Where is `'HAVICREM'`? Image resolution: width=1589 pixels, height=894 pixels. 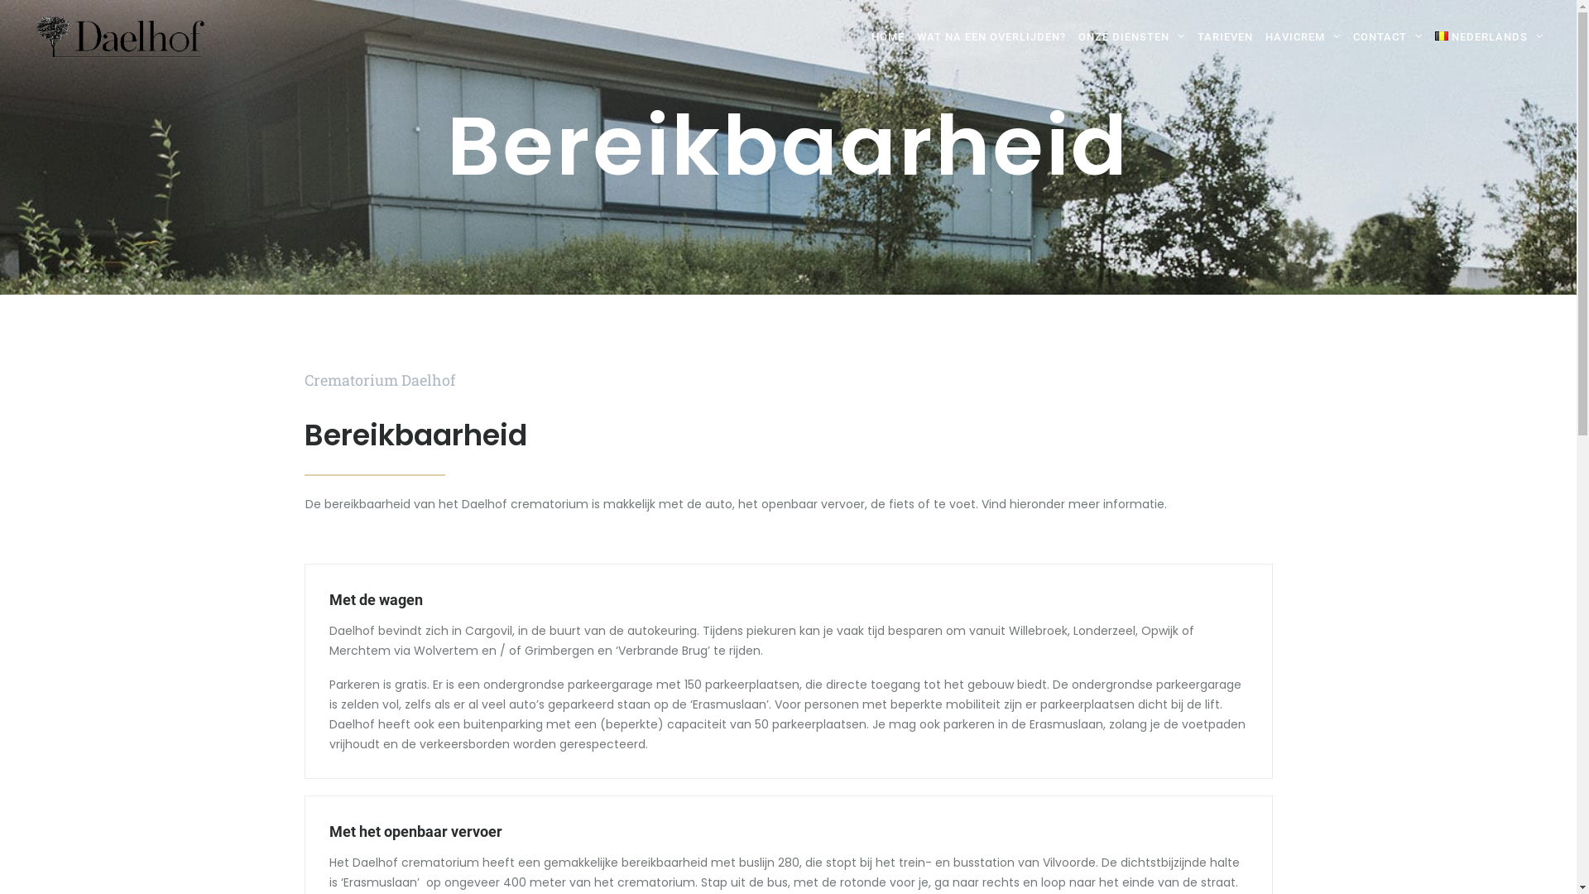
'HAVICREM' is located at coordinates (1302, 37).